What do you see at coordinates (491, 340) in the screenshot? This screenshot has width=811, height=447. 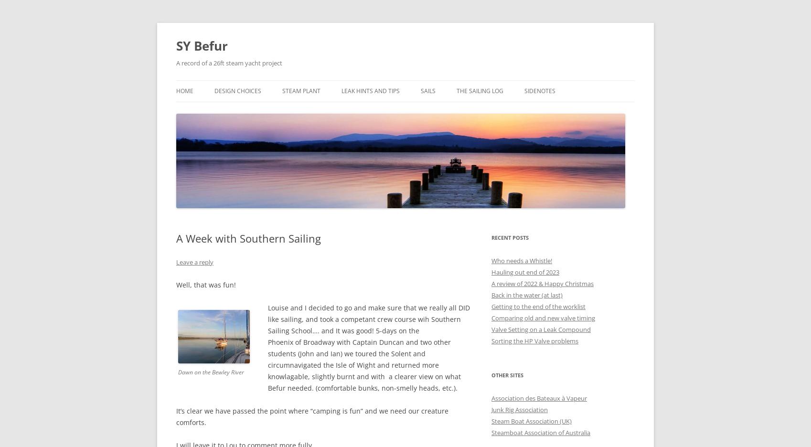 I see `'Sorting the HP Valve problems'` at bounding box center [491, 340].